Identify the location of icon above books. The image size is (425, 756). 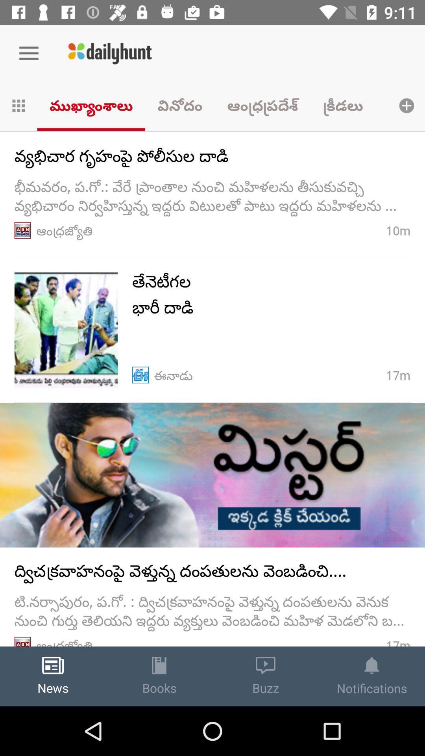
(159, 665).